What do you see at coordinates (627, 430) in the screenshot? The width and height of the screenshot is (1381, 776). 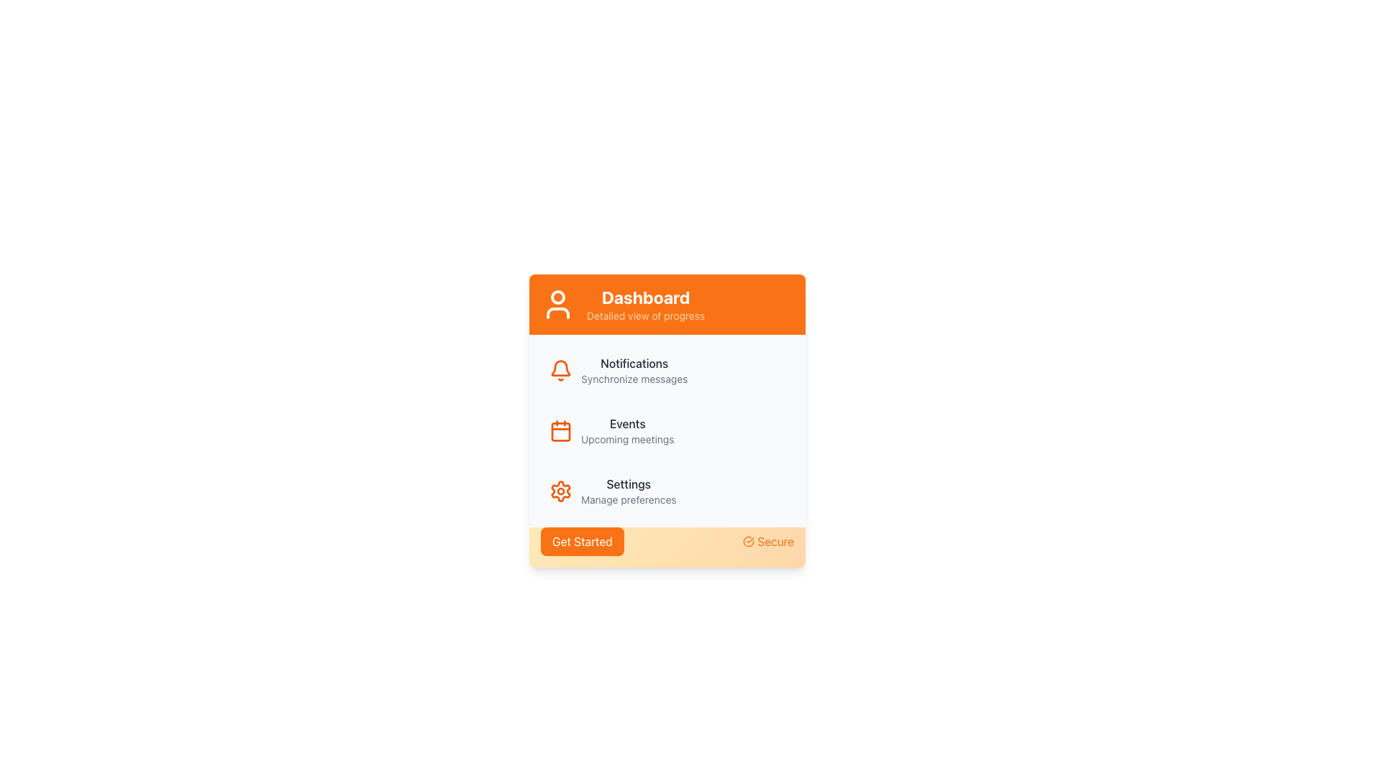 I see `text label that serves as a descriptive heading for upcoming meetings, located between 'Notifications' and 'Settings' in the middle section of the card-like interface` at bounding box center [627, 430].